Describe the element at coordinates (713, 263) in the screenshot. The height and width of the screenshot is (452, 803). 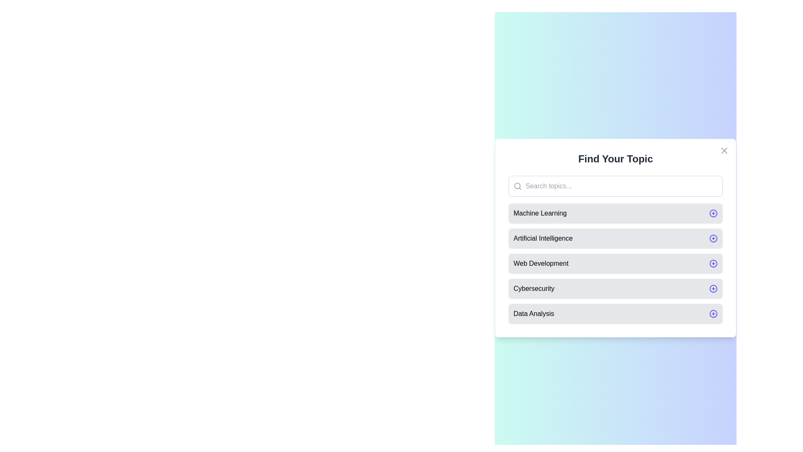
I see `the plus icon next to Web Development` at that location.